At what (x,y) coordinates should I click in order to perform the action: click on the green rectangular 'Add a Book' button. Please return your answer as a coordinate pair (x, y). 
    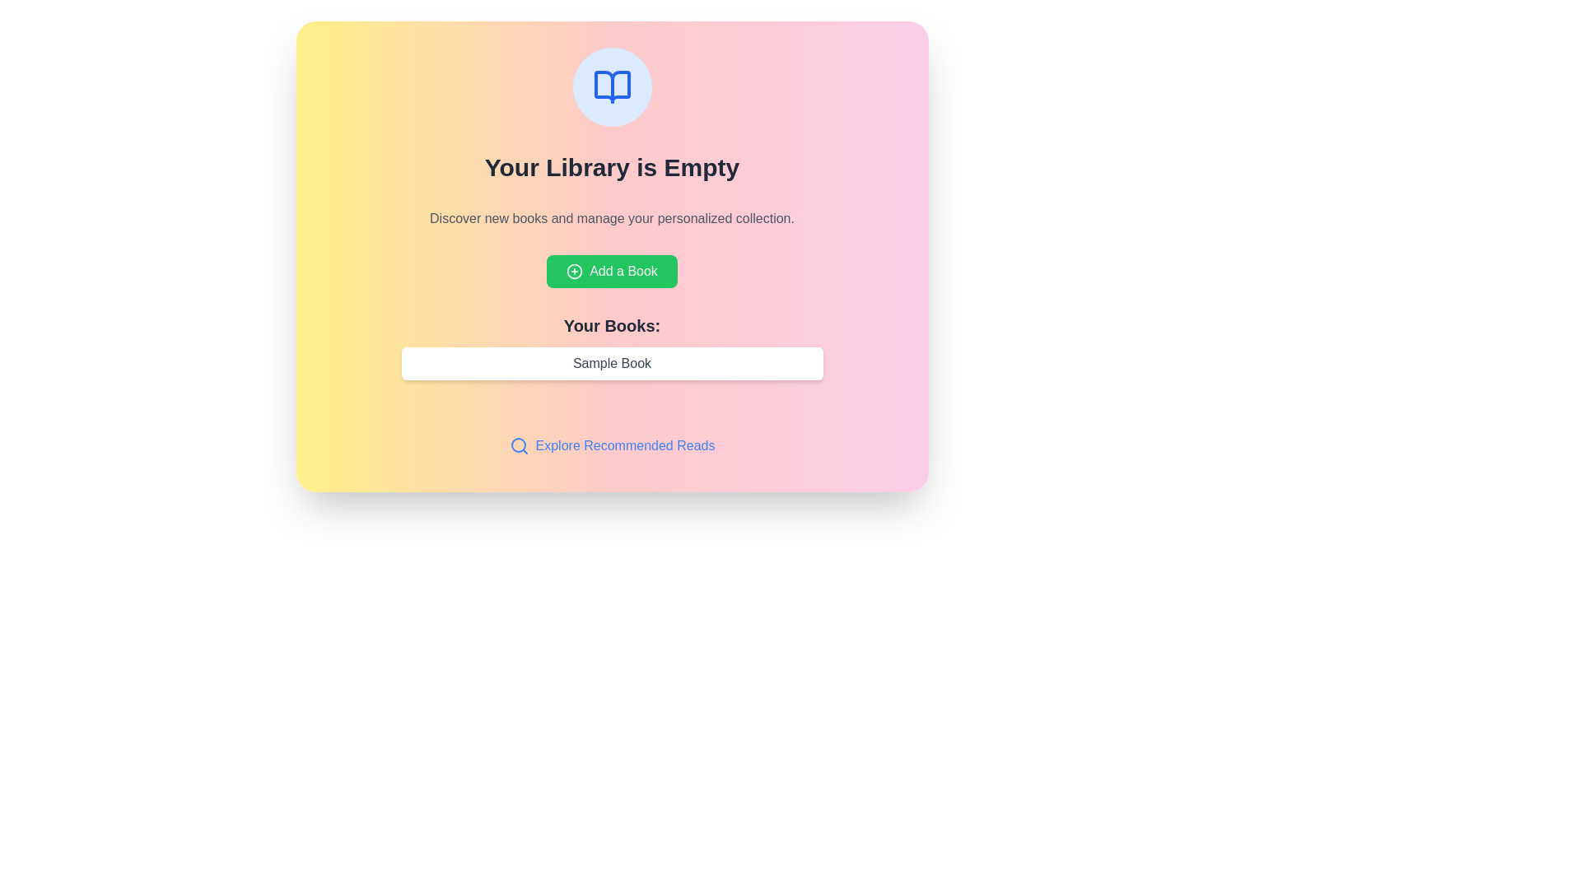
    Looking at the image, I should click on (611, 271).